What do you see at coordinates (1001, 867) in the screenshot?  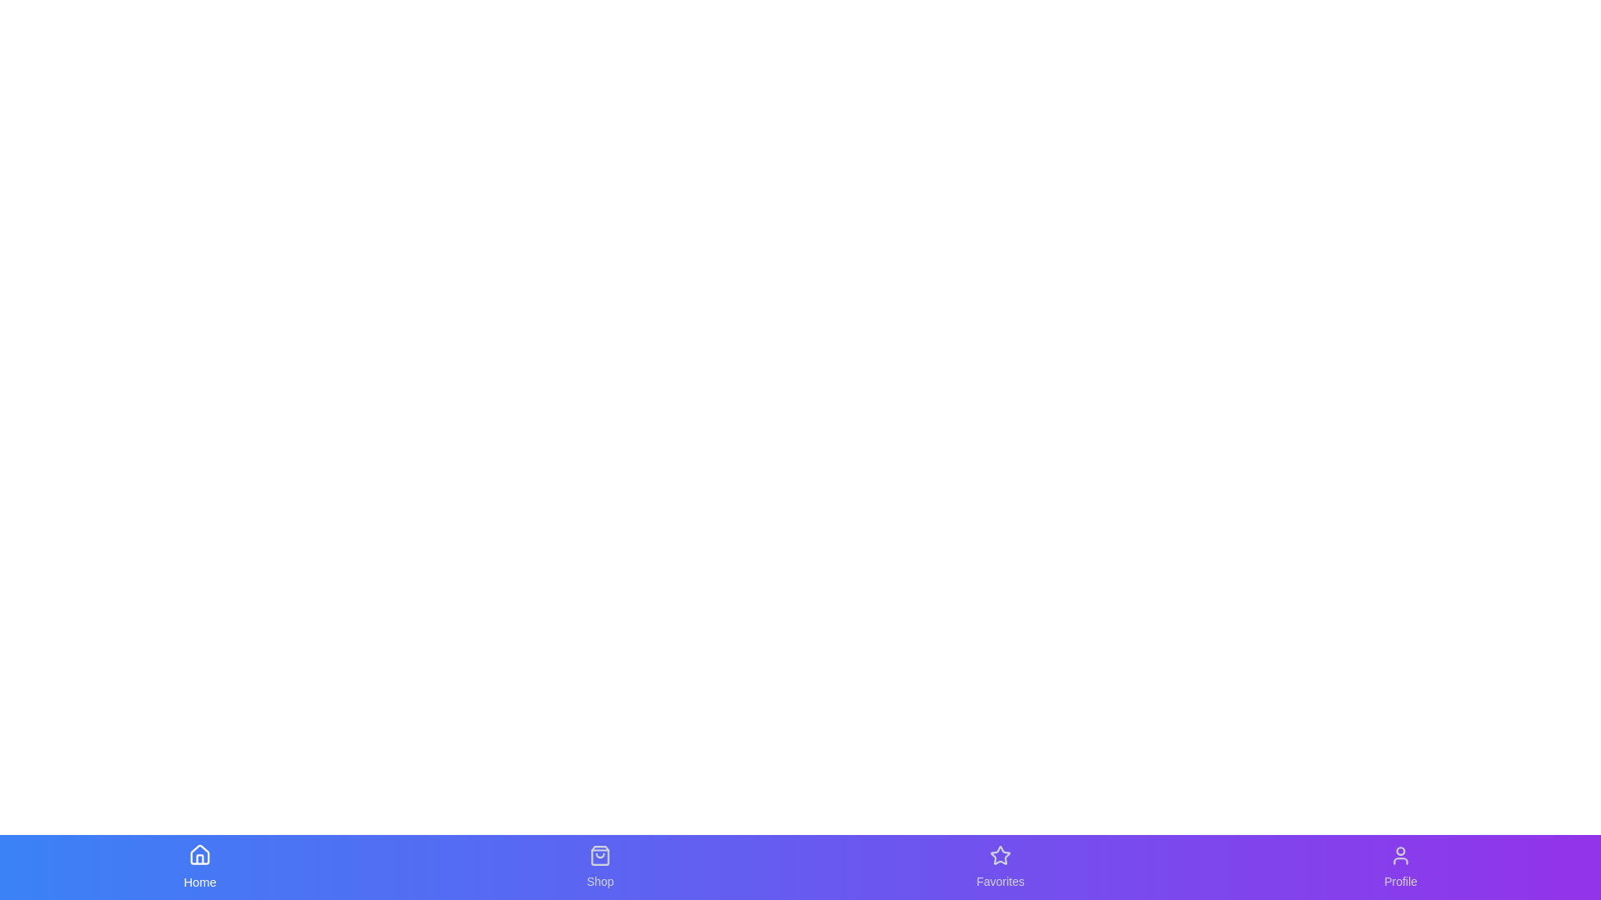 I see `the tab labeled Favorites to navigate to its associated page` at bounding box center [1001, 867].